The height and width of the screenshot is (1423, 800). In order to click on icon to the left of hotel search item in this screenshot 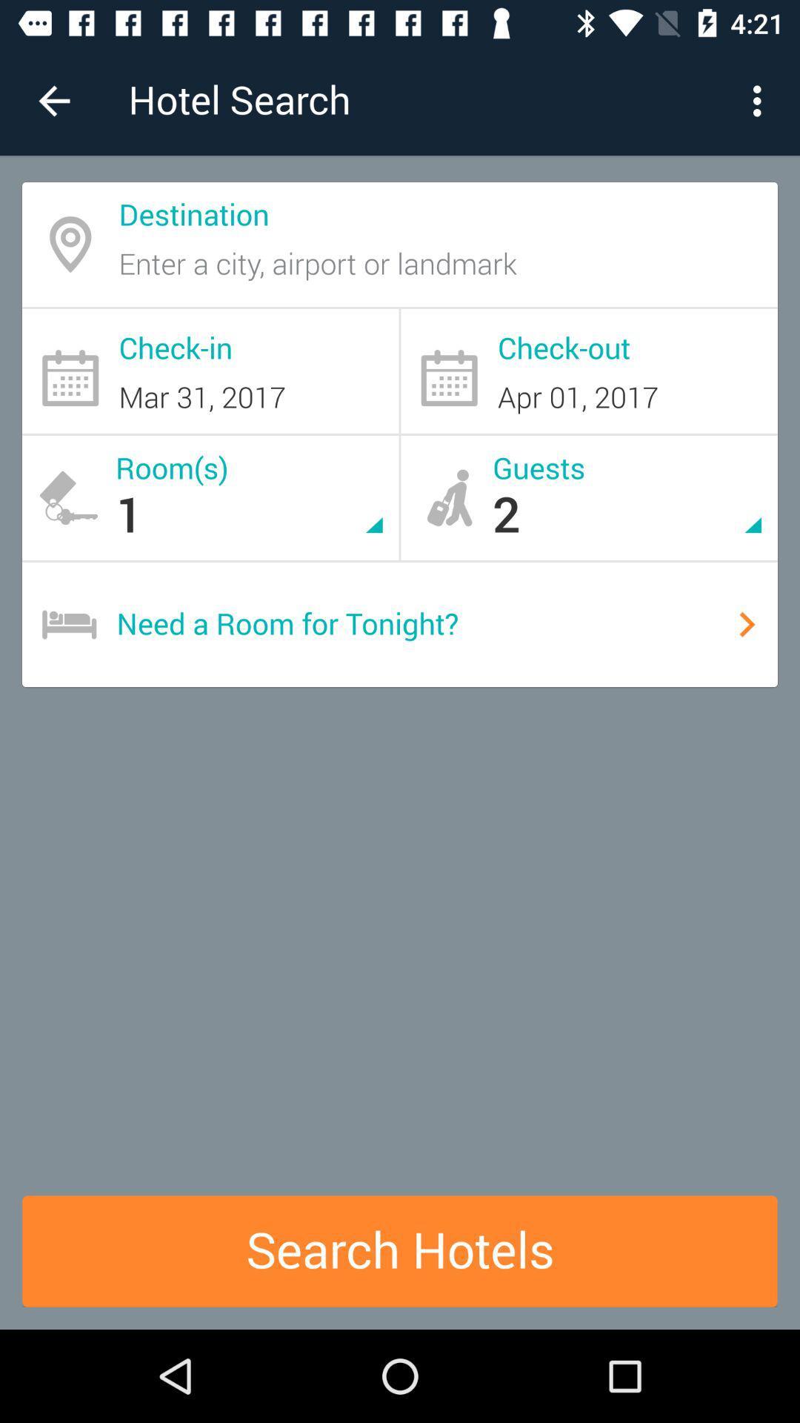, I will do `click(53, 100)`.